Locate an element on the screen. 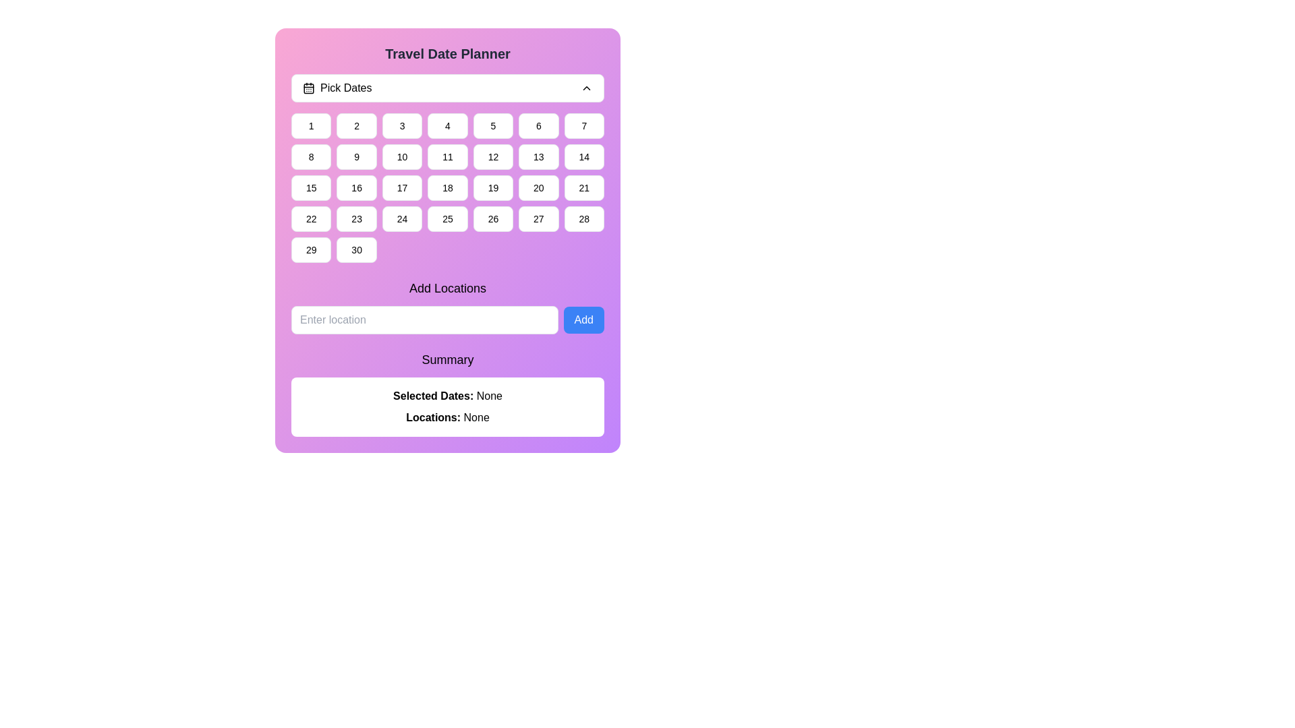 The image size is (1295, 728). the selectable button located in the seventh position of the first row in the grid structure is located at coordinates (583, 125).